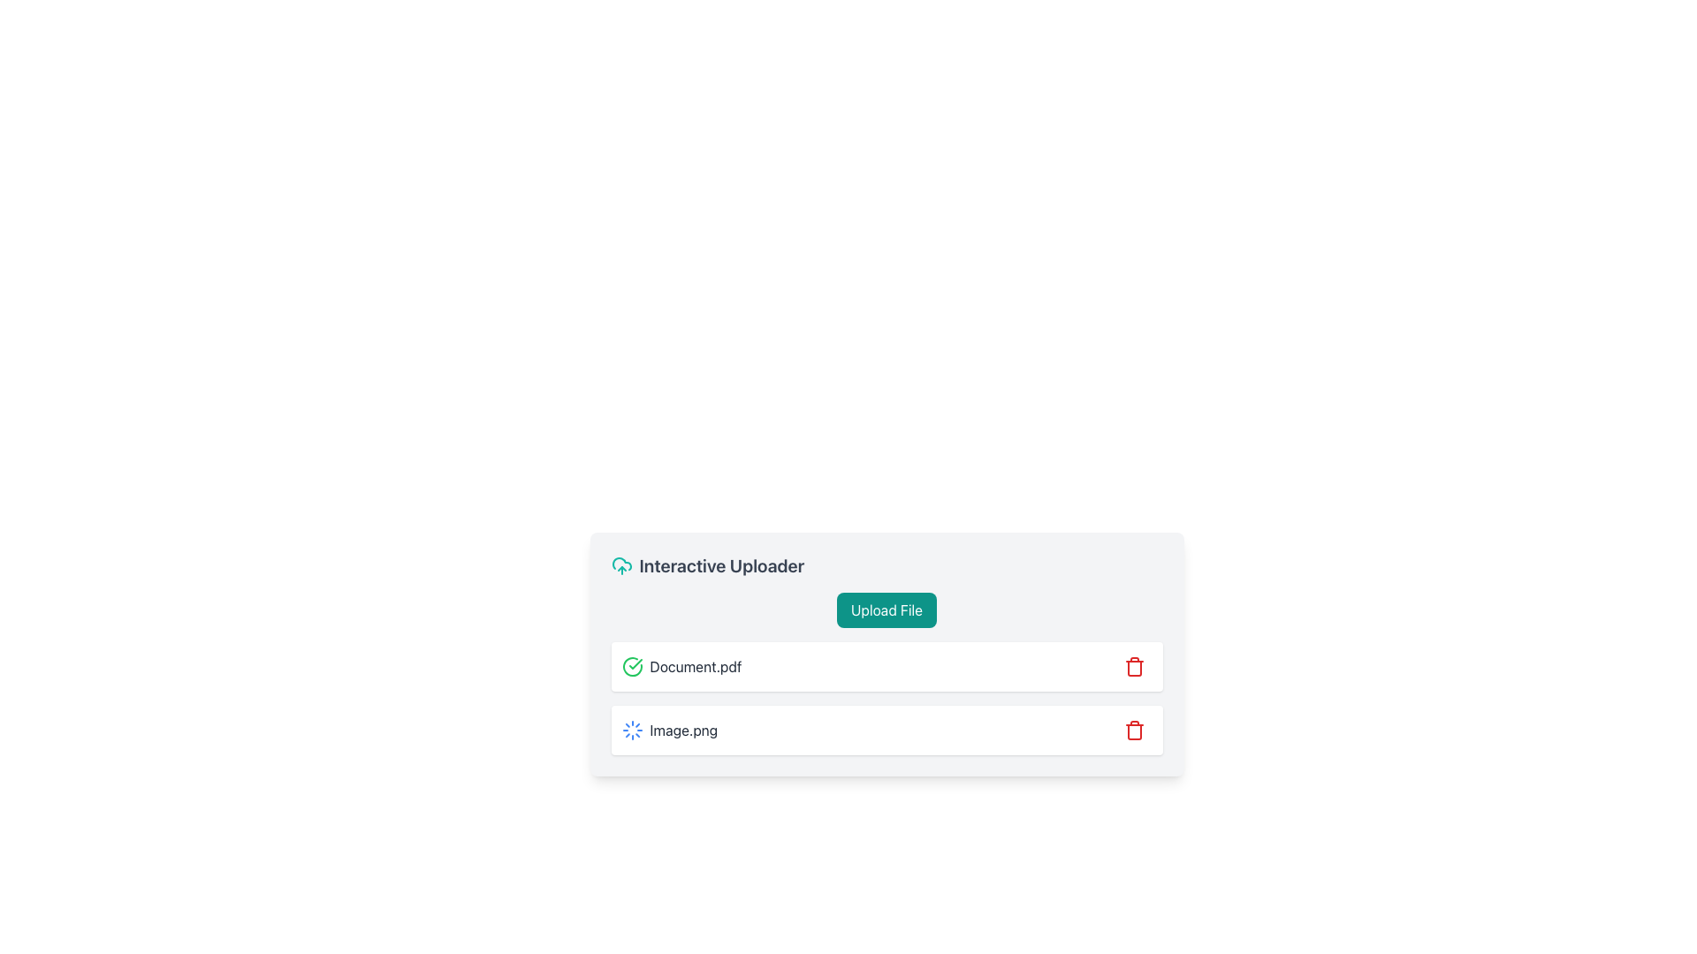 This screenshot has width=1697, height=954. What do you see at coordinates (887, 609) in the screenshot?
I see `the 'Upload File' button with a teal background` at bounding box center [887, 609].